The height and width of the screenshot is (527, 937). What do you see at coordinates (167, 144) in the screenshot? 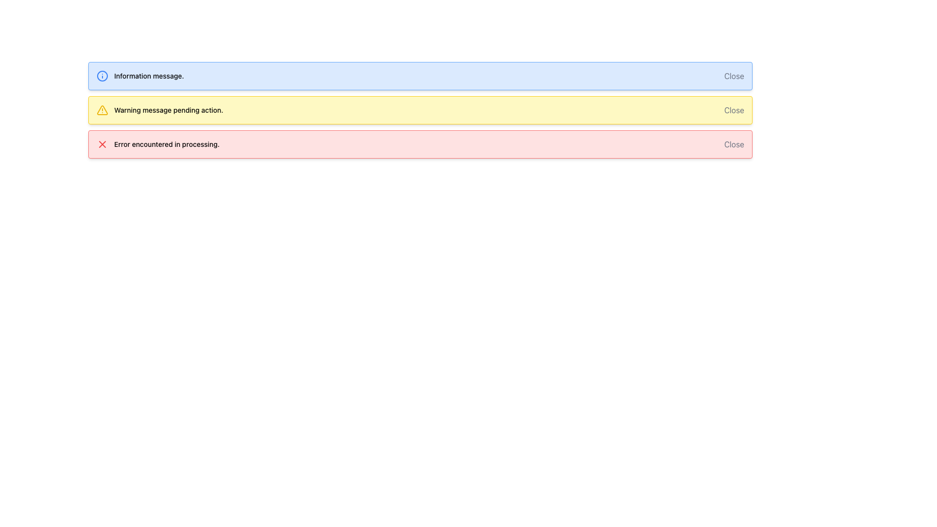
I see `the error message text label located in the lower section of the red alert box to read the descriptive message about the error occurrence` at bounding box center [167, 144].